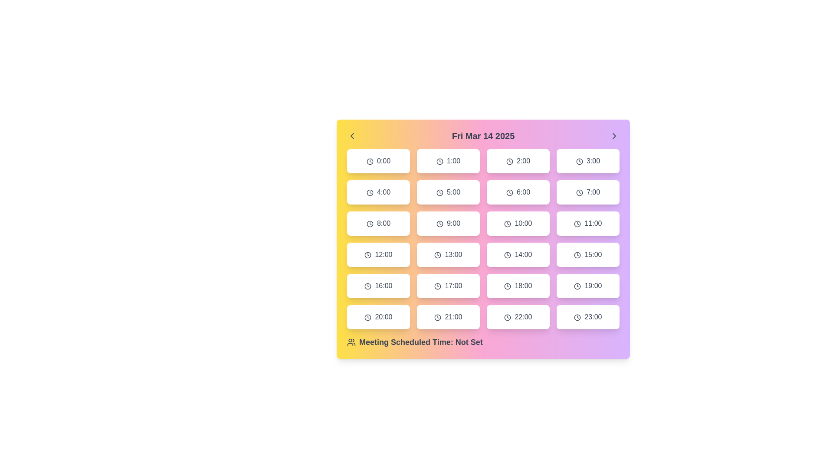 The height and width of the screenshot is (468, 833). What do you see at coordinates (588, 223) in the screenshot?
I see `the rounded rectangular button labeled '11:00' with a clock icon, located in the third column of the third row in a four-column grid` at bounding box center [588, 223].